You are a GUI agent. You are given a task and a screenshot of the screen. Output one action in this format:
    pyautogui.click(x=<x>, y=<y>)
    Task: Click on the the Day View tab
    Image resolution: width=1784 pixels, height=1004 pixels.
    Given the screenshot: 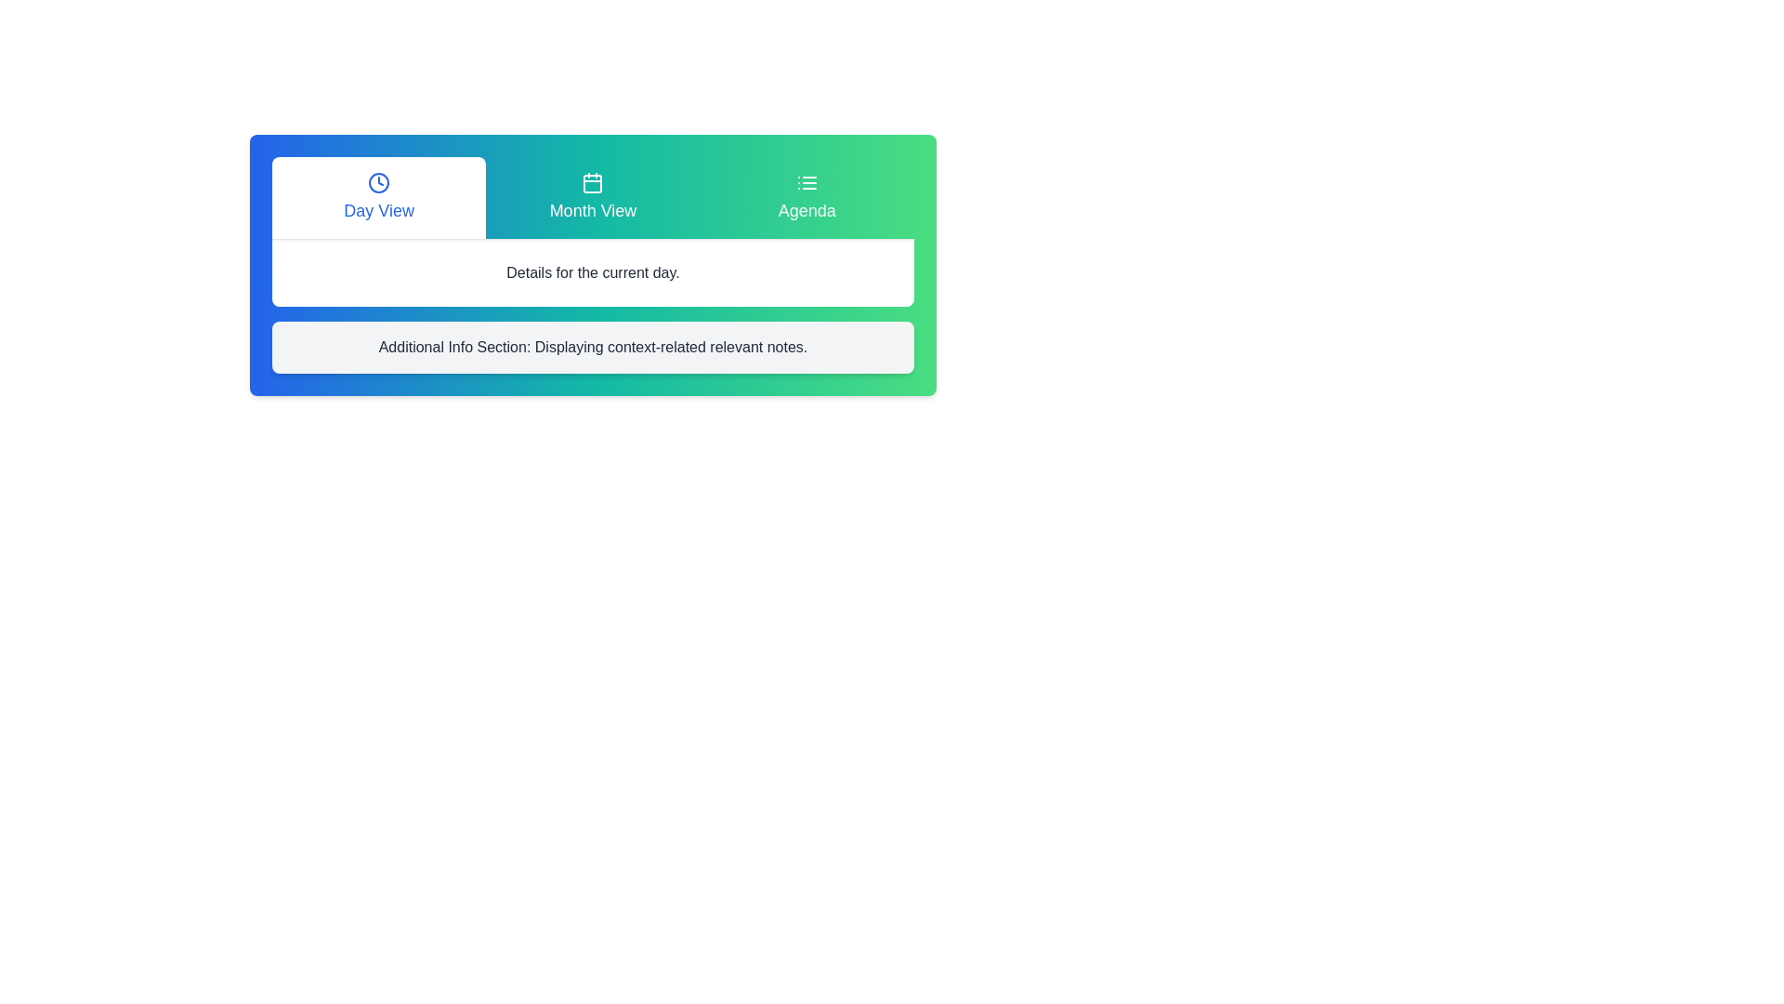 What is the action you would take?
    pyautogui.click(x=378, y=197)
    